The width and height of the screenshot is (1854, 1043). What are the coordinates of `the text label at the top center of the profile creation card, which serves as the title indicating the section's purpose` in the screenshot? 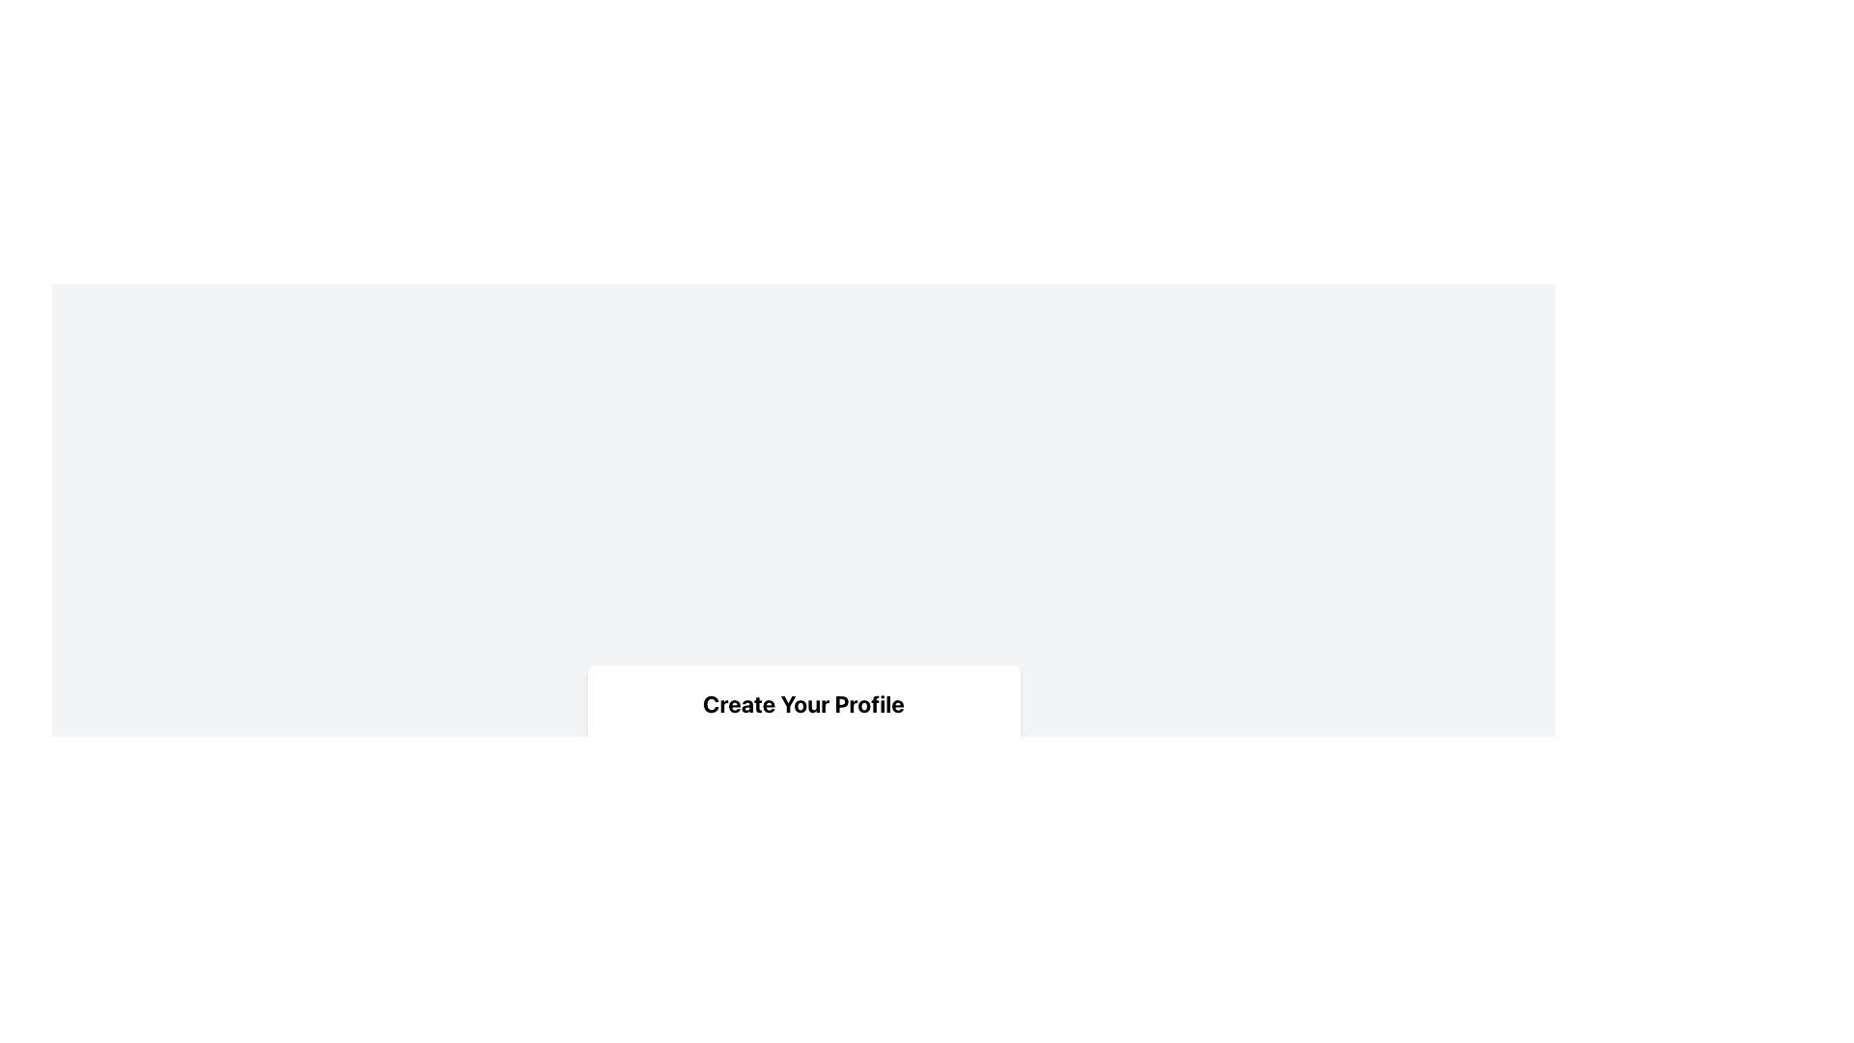 It's located at (803, 703).